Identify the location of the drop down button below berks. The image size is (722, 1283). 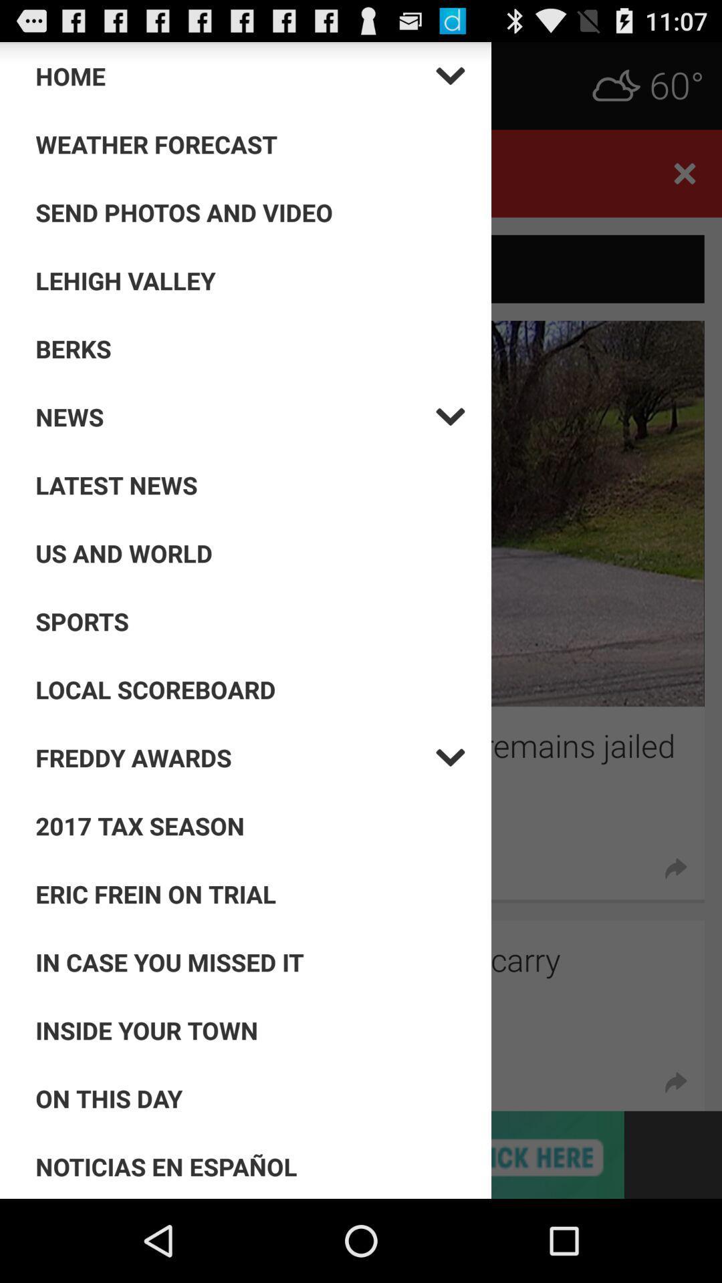
(235, 416).